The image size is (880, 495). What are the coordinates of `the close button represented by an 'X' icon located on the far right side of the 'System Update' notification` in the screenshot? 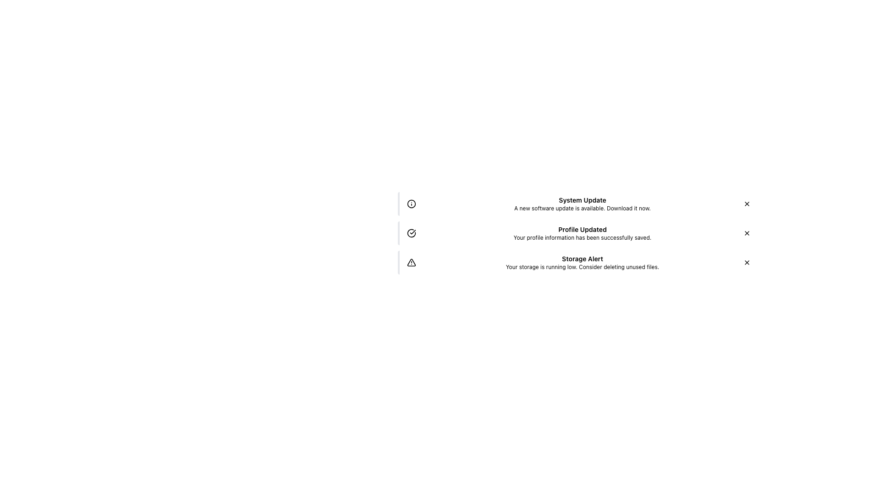 It's located at (747, 203).